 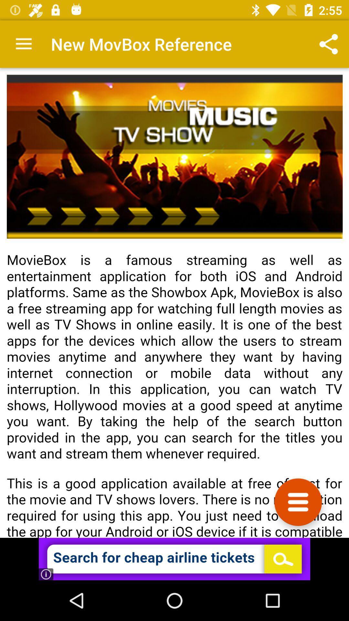 I want to click on advertisement, so click(x=174, y=559).